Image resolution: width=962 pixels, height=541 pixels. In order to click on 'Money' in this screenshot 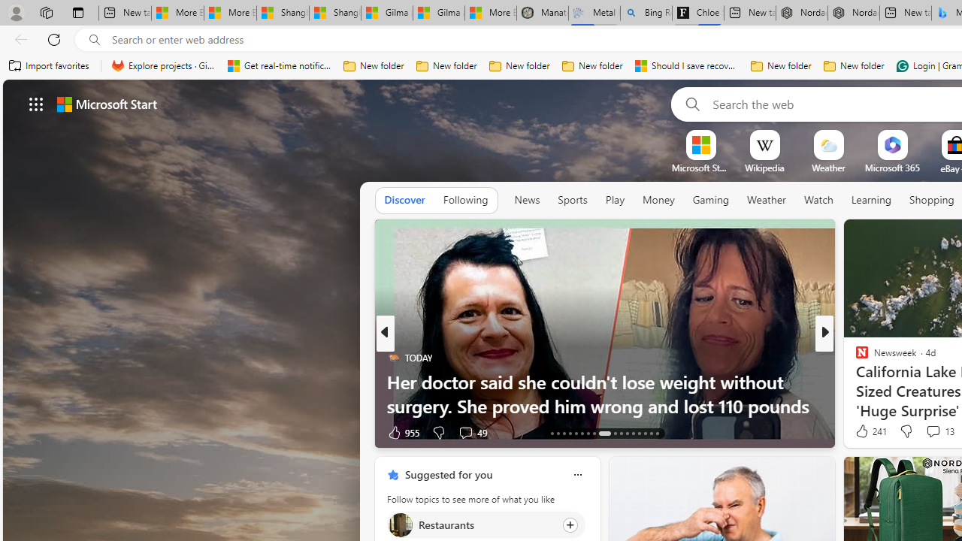, I will do `click(658, 199)`.